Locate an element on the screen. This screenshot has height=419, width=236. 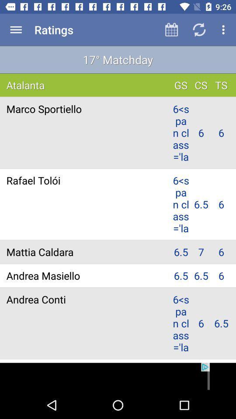
advertising is located at coordinates (118, 377).